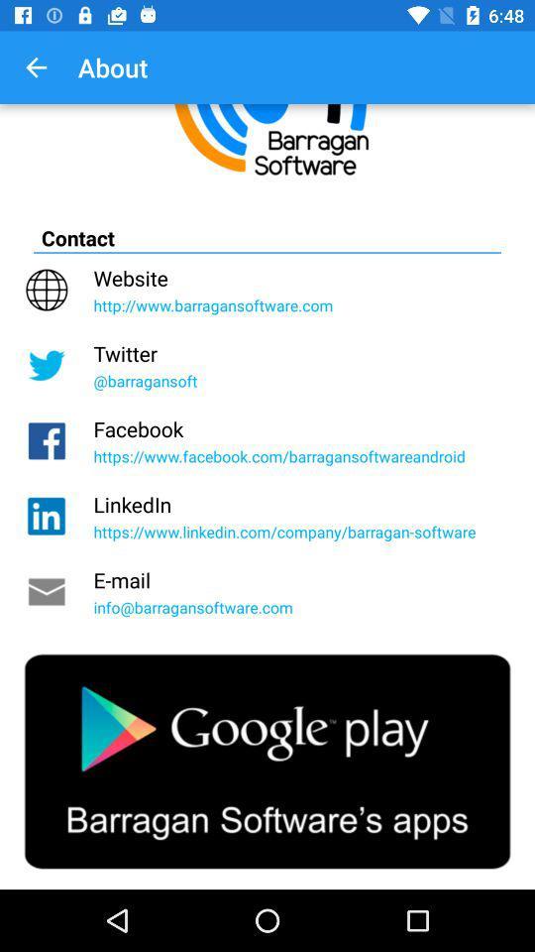 Image resolution: width=535 pixels, height=952 pixels. I want to click on option above facebook, so click(267, 364).